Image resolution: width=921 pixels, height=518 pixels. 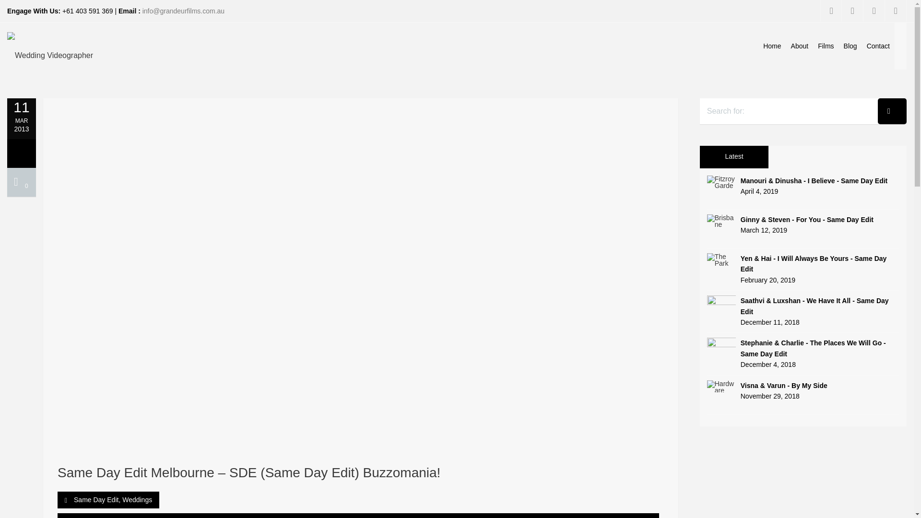 I want to click on 'info@grandeurfilms.com.au', so click(x=142, y=11).